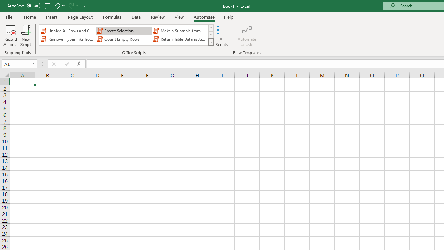  What do you see at coordinates (47, 6) in the screenshot?
I see `'Save'` at bounding box center [47, 6].